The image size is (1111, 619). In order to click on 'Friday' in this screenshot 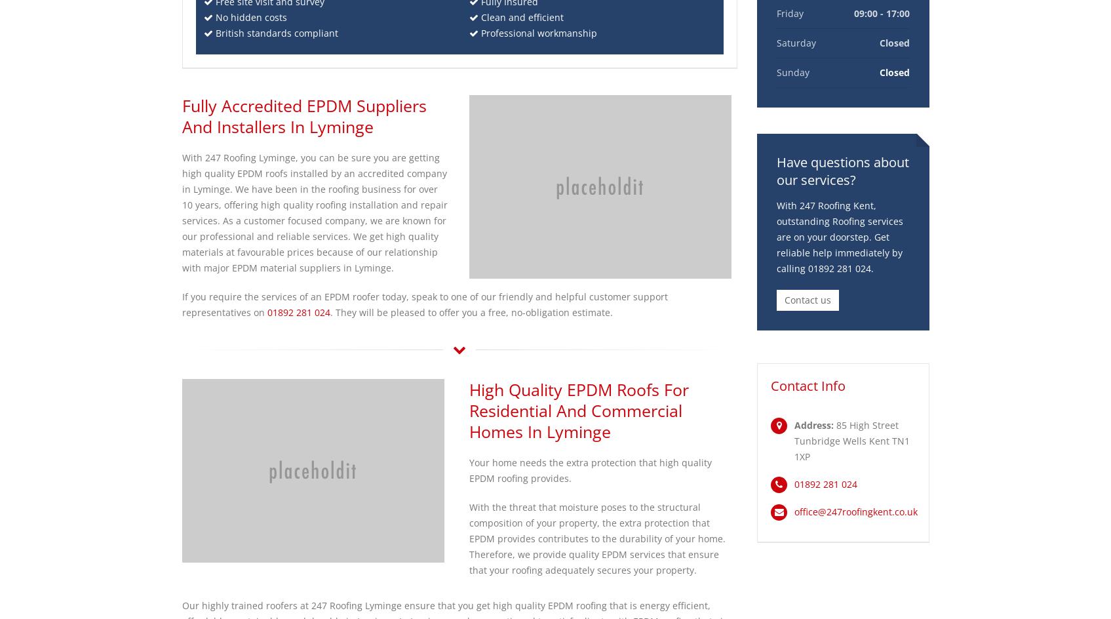, I will do `click(790, 13)`.